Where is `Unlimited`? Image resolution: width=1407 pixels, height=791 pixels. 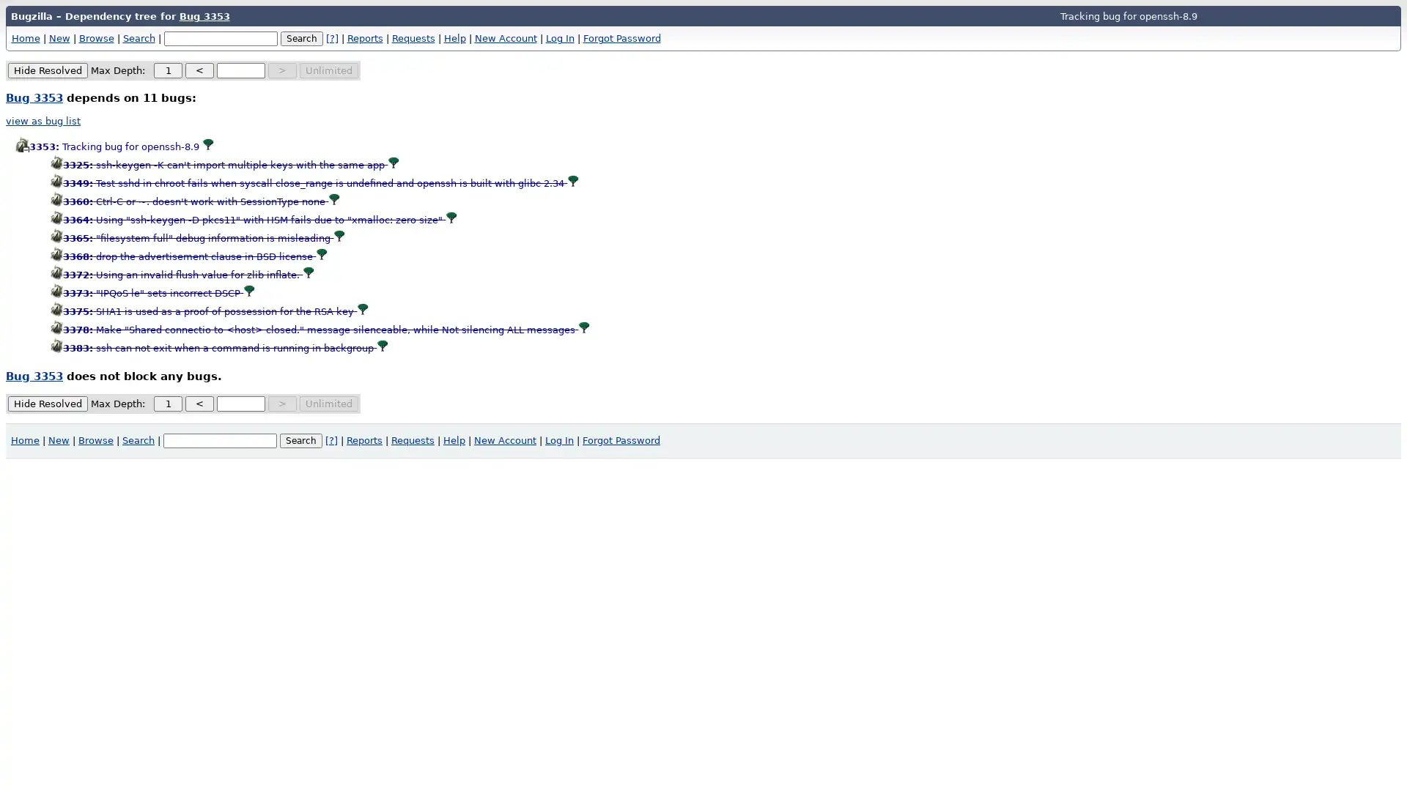
Unlimited is located at coordinates (328, 70).